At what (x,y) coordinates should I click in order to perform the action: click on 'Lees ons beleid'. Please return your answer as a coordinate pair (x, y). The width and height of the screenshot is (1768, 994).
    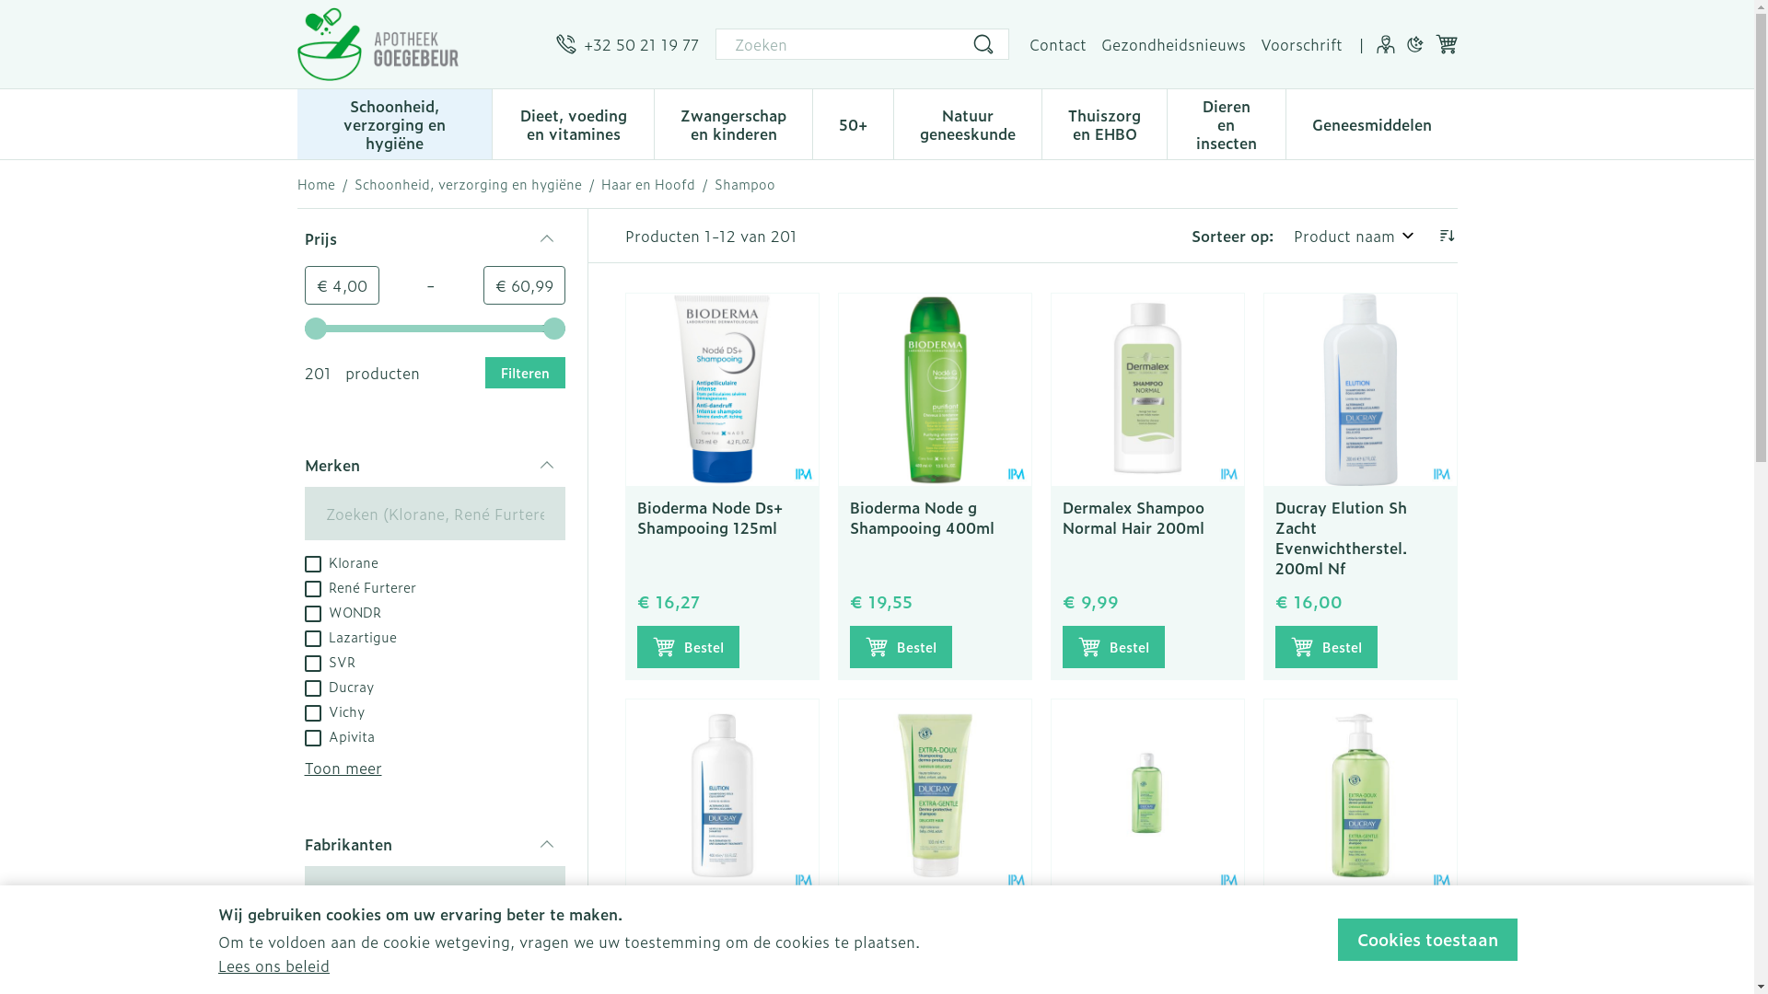
    Looking at the image, I should click on (273, 965).